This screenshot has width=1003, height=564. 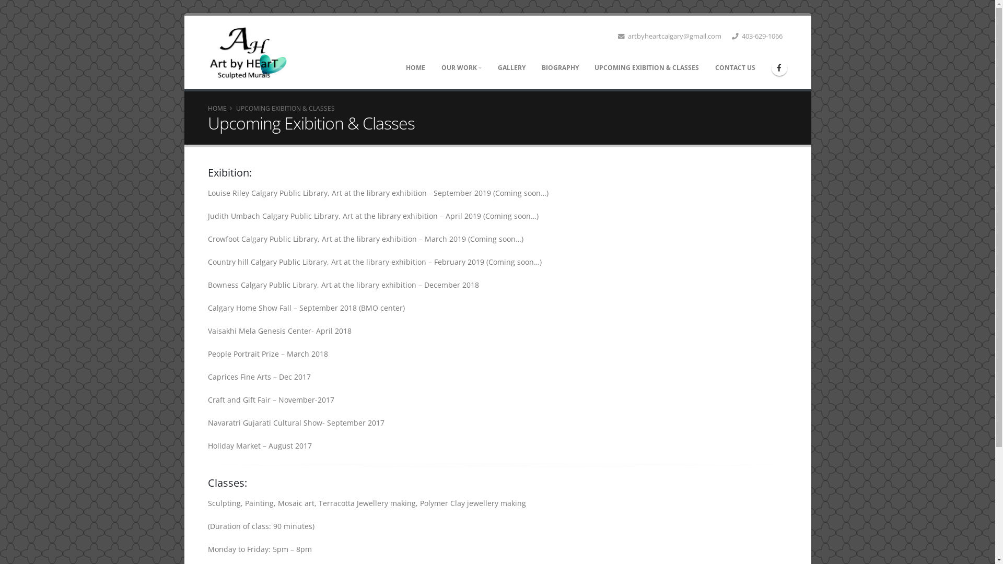 What do you see at coordinates (415, 68) in the screenshot?
I see `'HOME'` at bounding box center [415, 68].